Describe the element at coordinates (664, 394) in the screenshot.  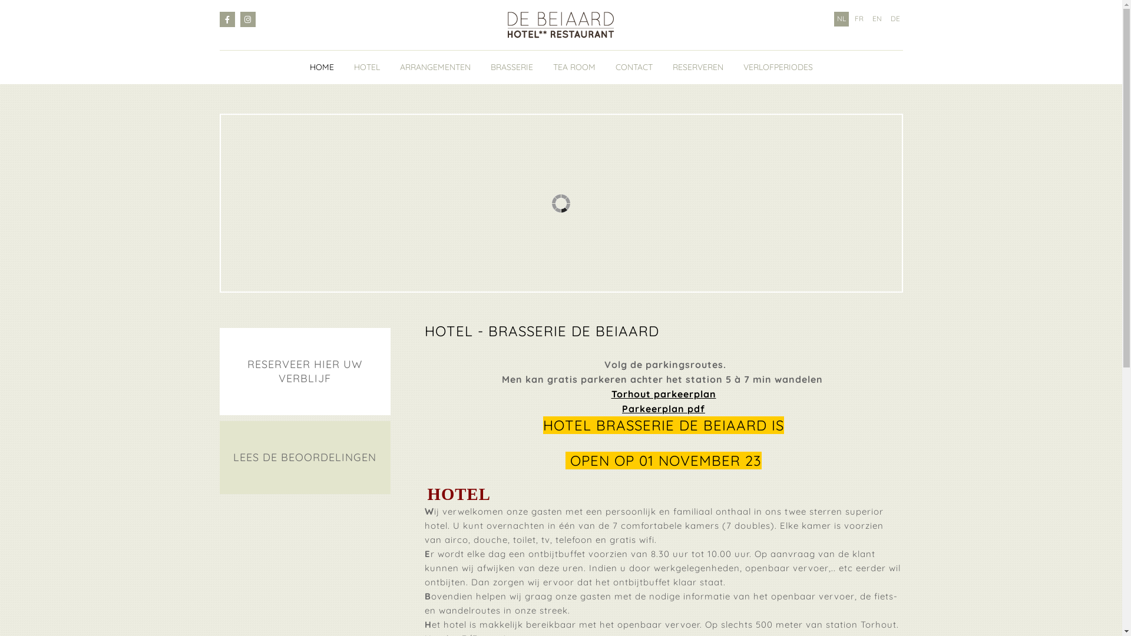
I see `'Torhout parkeerplan'` at that location.